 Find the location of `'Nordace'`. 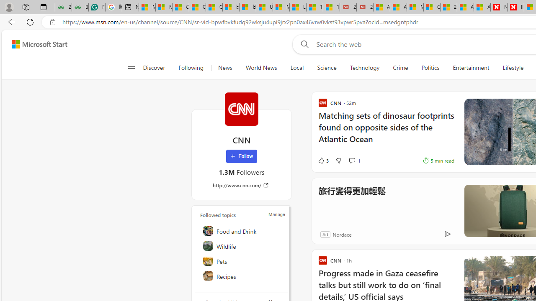

'Nordace' is located at coordinates (342, 234).